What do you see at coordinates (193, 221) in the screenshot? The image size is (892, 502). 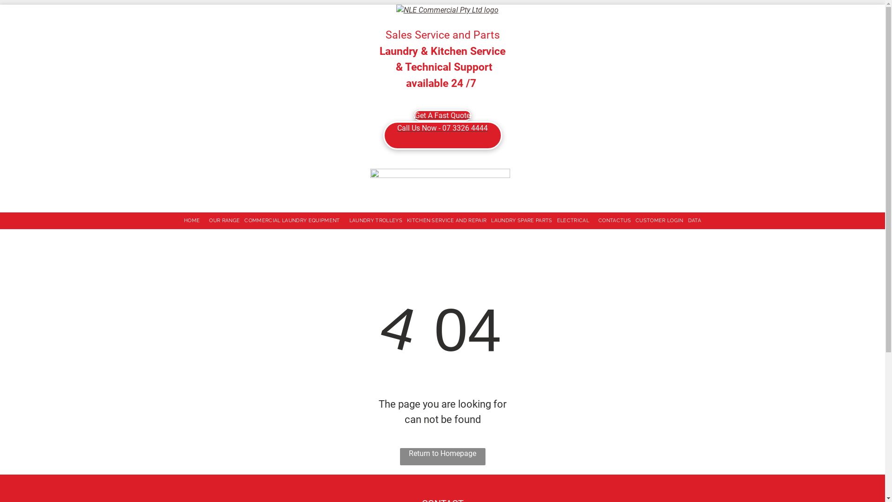 I see `'HOME'` at bounding box center [193, 221].